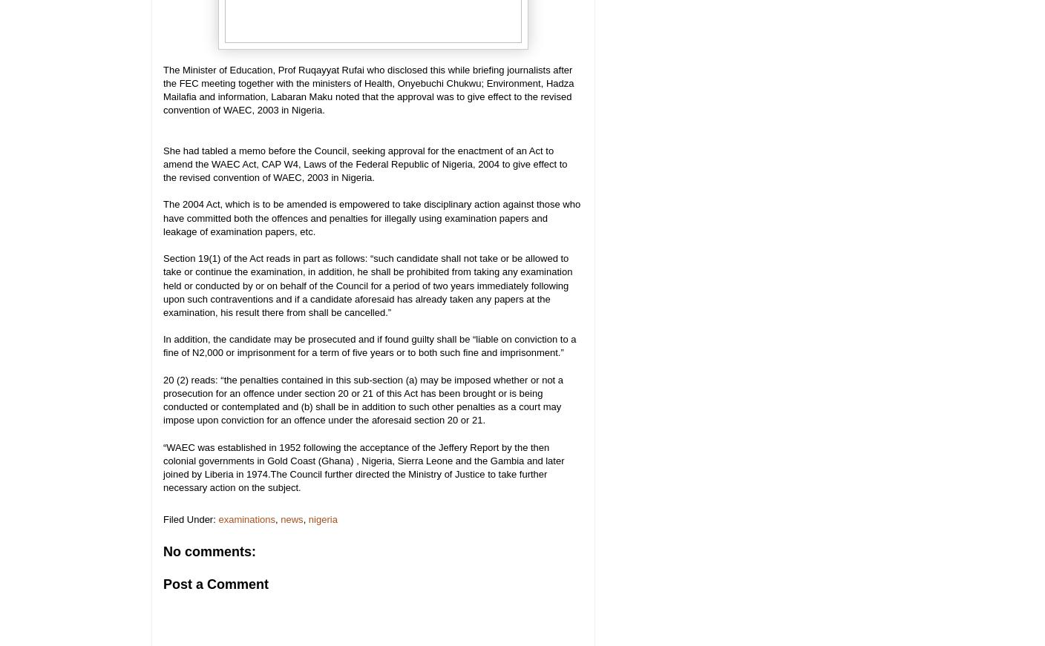 The image size is (1045, 646). I want to click on 'news', so click(290, 518).